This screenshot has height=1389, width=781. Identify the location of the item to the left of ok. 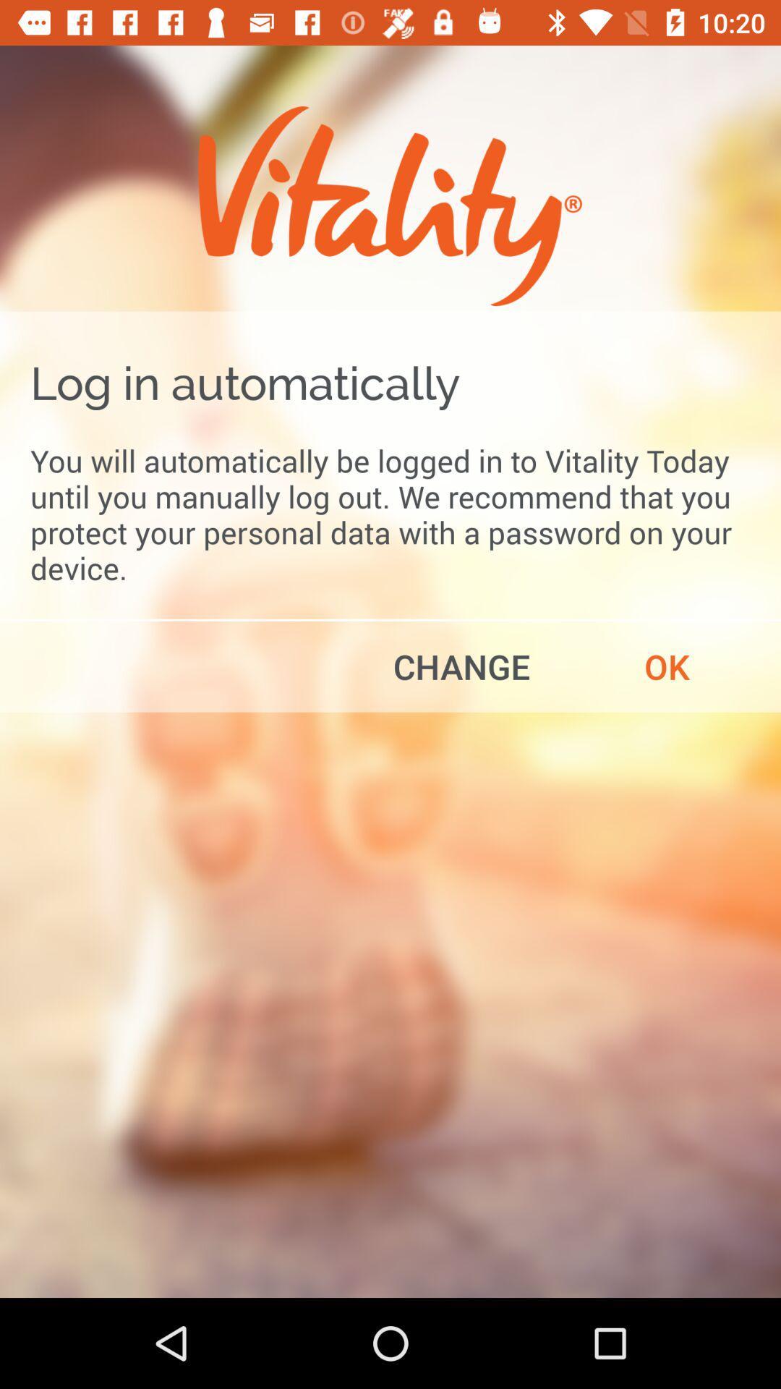
(461, 666).